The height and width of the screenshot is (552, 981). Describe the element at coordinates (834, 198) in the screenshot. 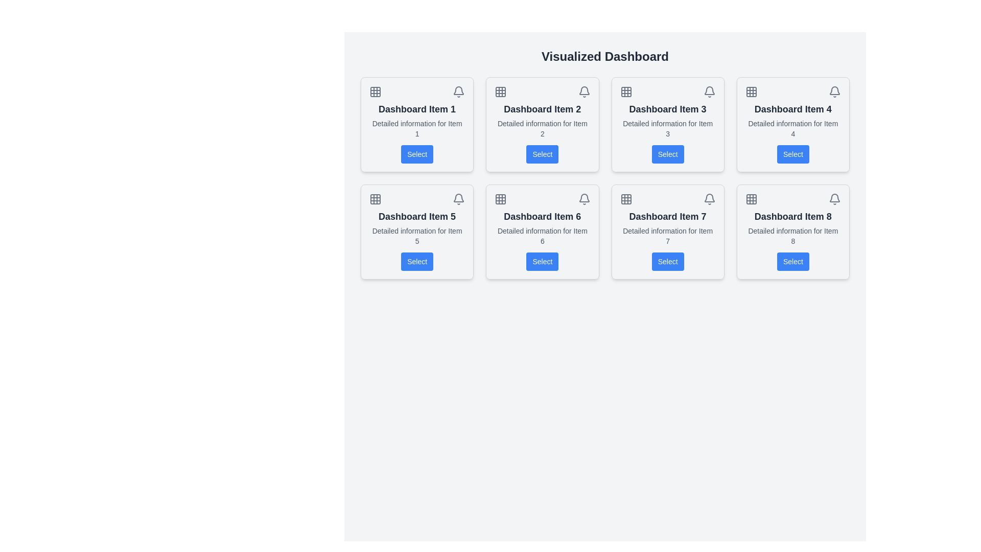

I see `the bell-shaped notification icon with a gray outline located` at that location.